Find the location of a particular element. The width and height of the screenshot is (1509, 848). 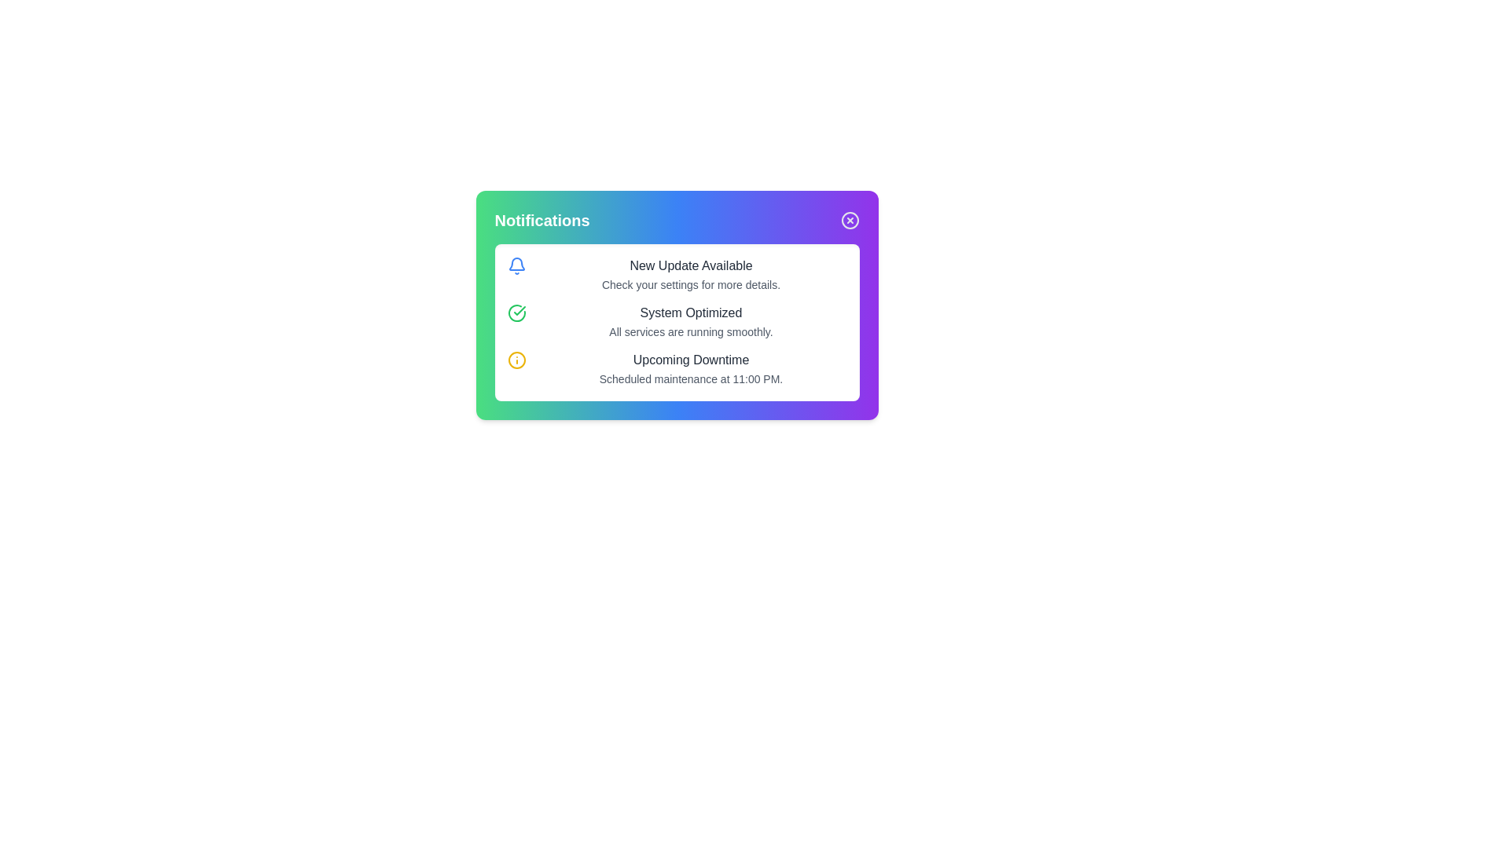

the second informational text entry in the notifications card to focus on it is located at coordinates (677, 322).